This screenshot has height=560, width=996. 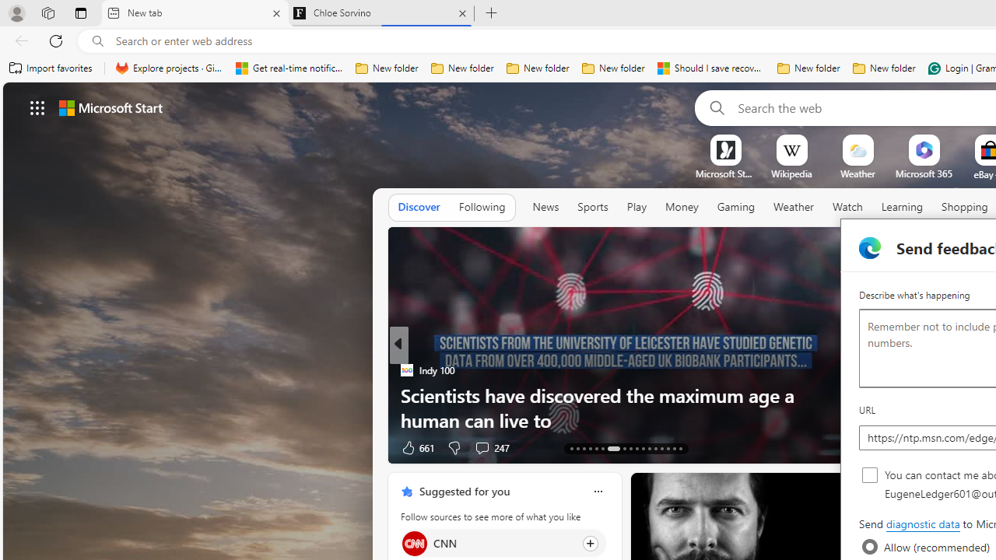 I want to click on 'Play', so click(x=636, y=206).